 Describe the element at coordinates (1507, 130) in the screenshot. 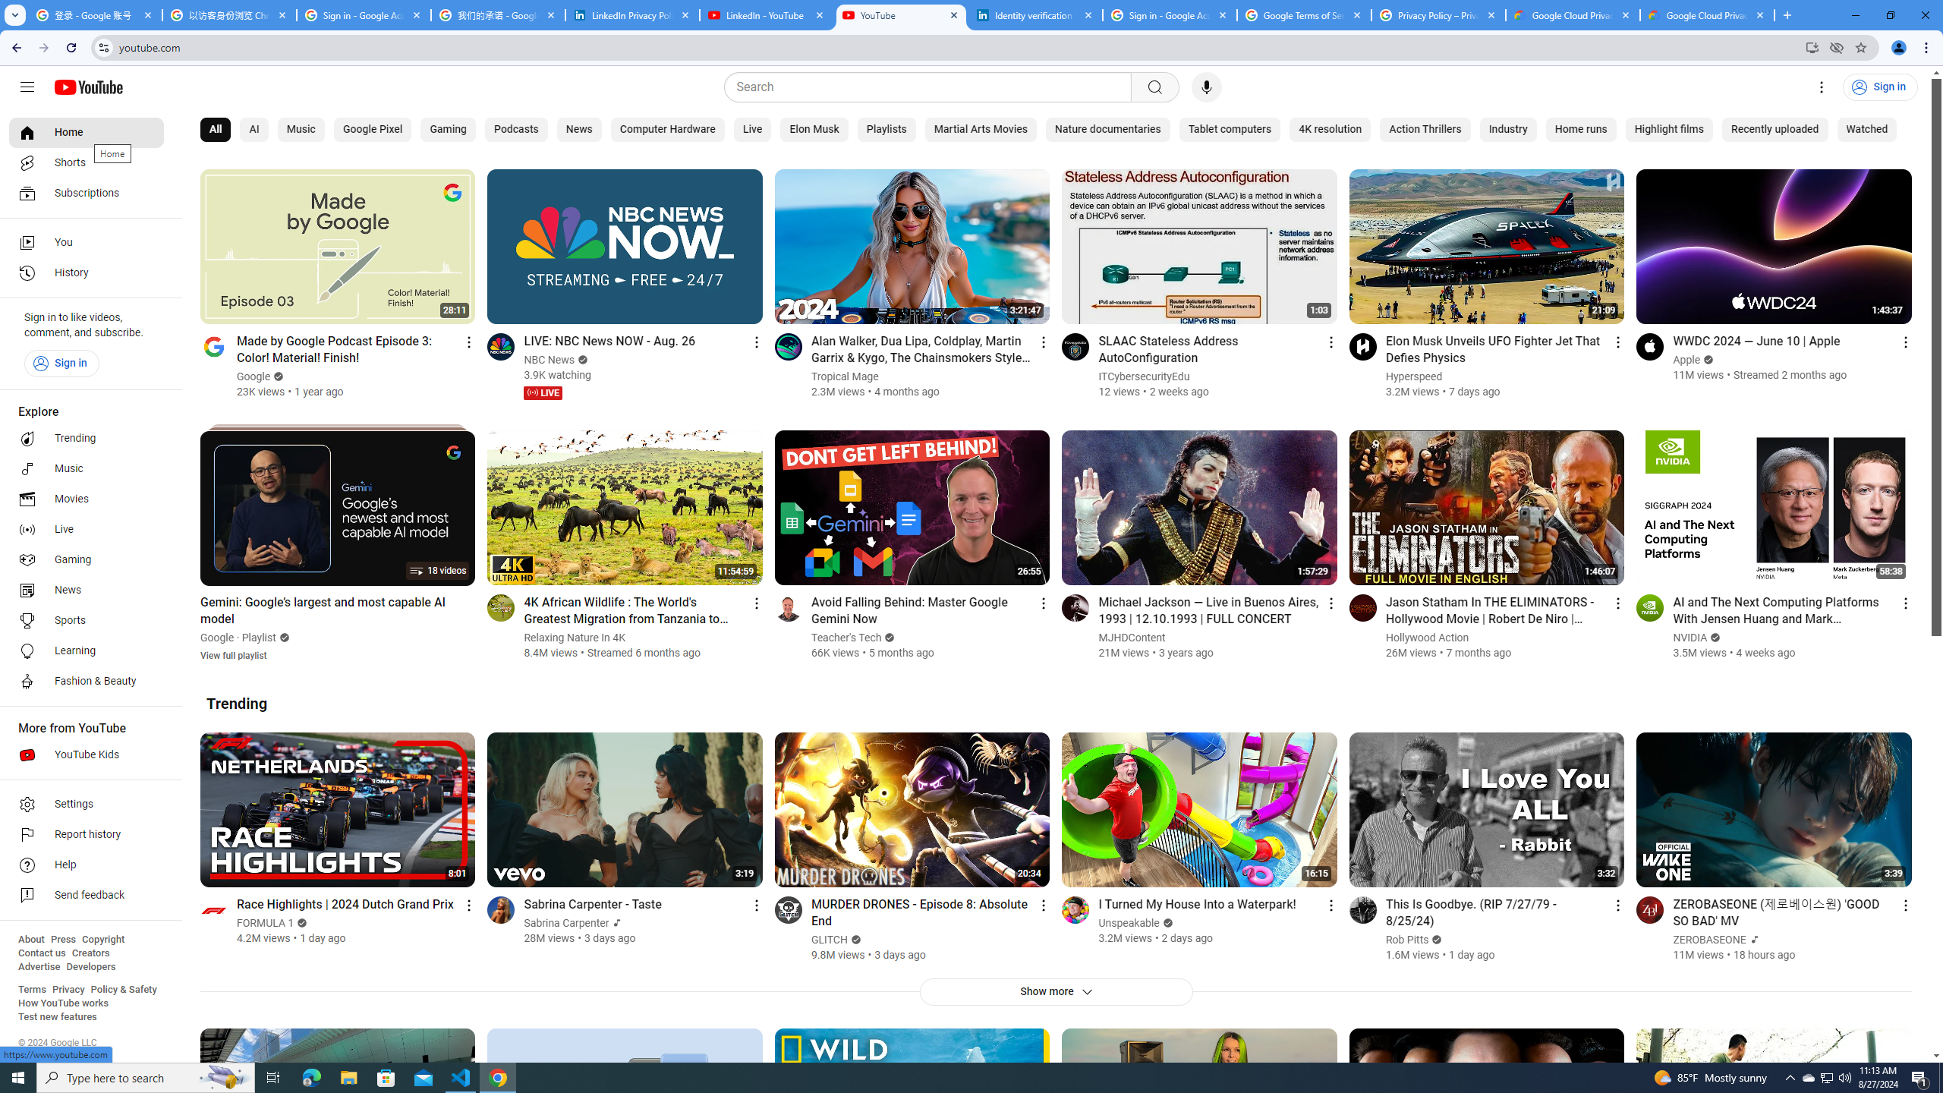

I see `'Industry'` at that location.